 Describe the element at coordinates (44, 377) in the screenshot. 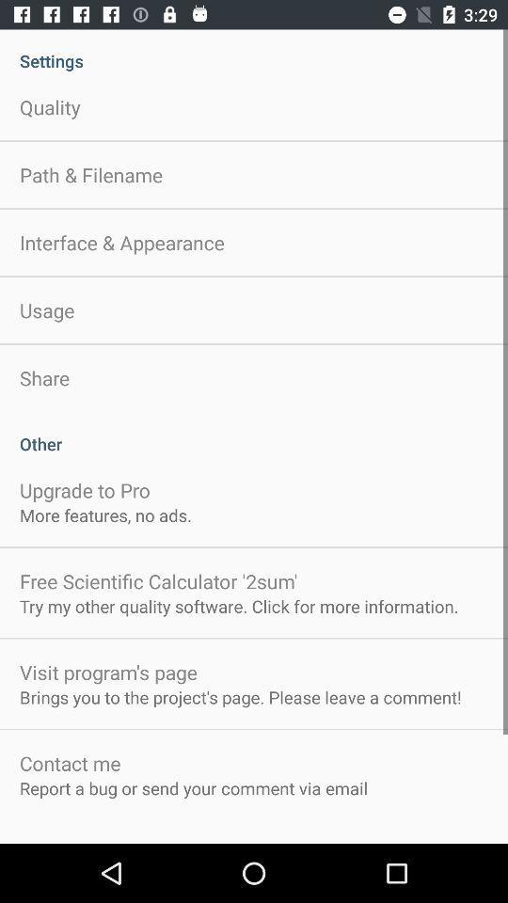

I see `the share app` at that location.